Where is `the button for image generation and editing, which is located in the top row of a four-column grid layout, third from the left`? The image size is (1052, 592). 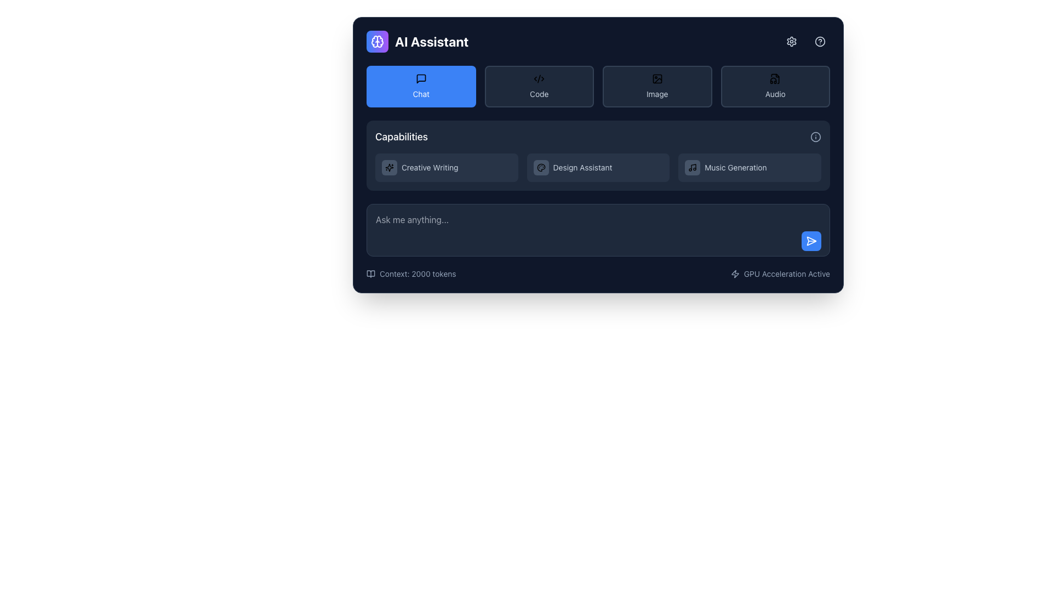 the button for image generation and editing, which is located in the top row of a four-column grid layout, third from the left is located at coordinates (657, 86).